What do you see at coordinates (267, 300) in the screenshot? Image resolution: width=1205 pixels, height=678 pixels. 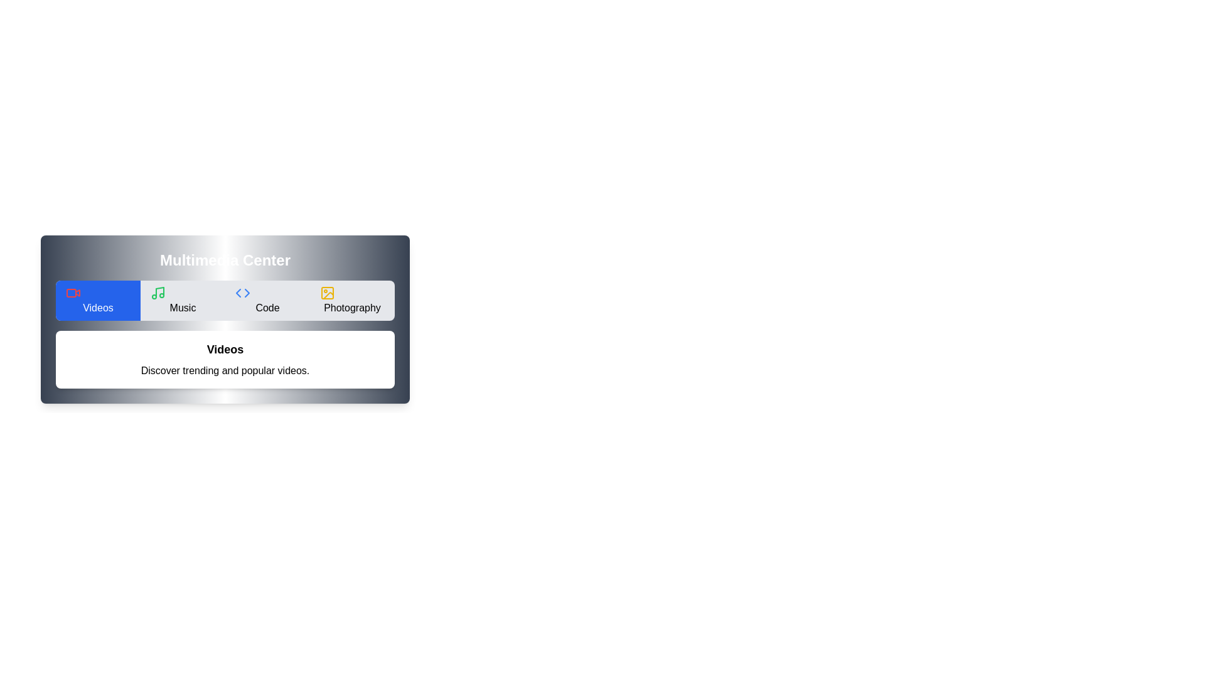 I see `the Code tab` at bounding box center [267, 300].